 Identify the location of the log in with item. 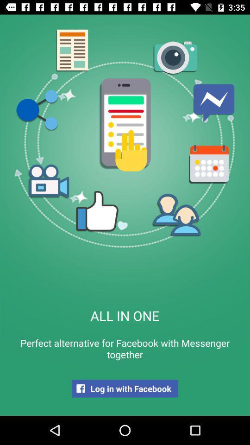
(125, 388).